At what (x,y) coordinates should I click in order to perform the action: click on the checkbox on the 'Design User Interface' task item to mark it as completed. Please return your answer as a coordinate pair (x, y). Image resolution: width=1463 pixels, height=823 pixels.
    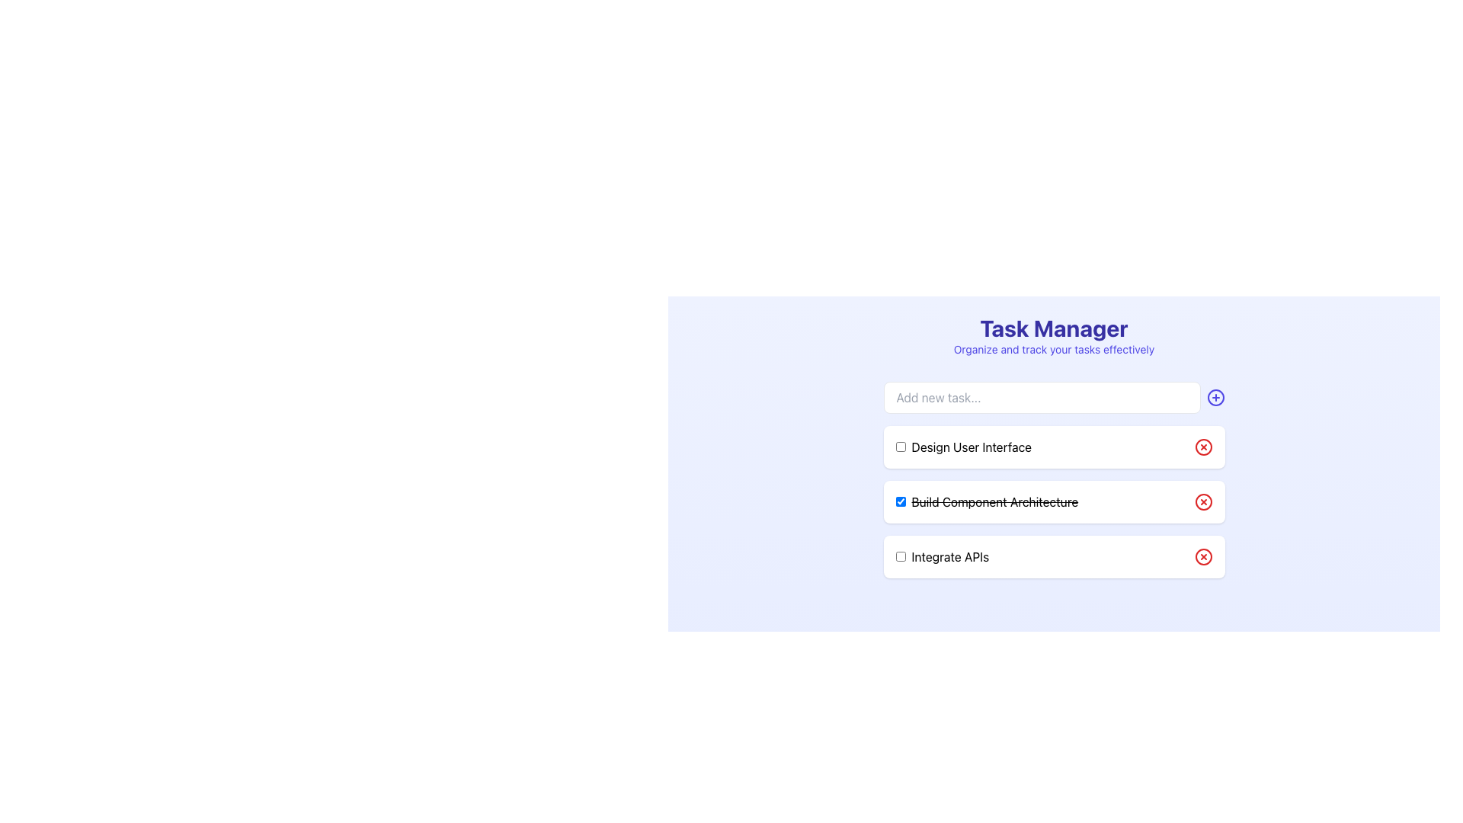
    Looking at the image, I should click on (1053, 446).